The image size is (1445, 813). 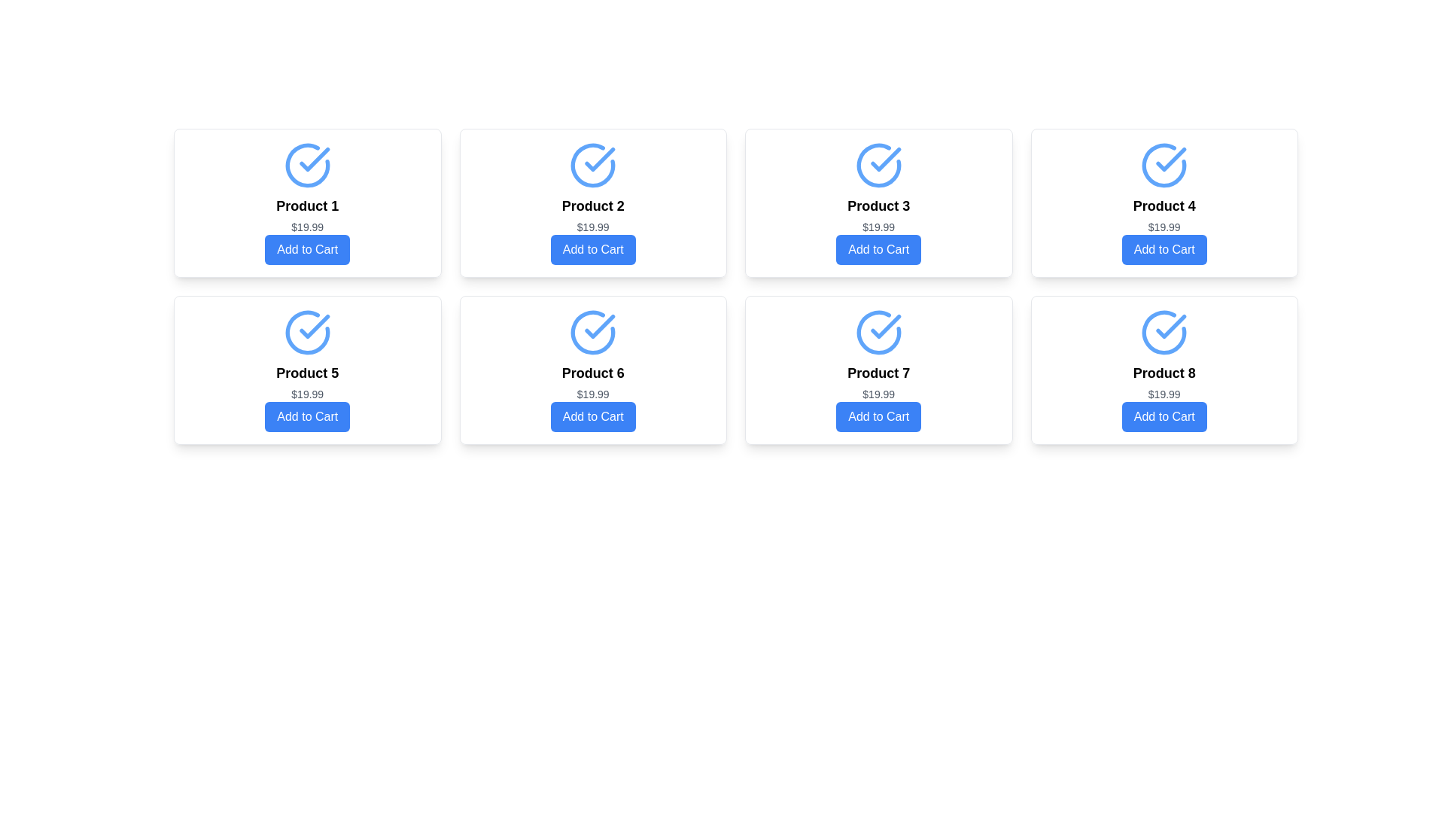 I want to click on the circular blue icon with a checkmark inside, located at the top center of the 'Product 6' card UI, so click(x=592, y=332).